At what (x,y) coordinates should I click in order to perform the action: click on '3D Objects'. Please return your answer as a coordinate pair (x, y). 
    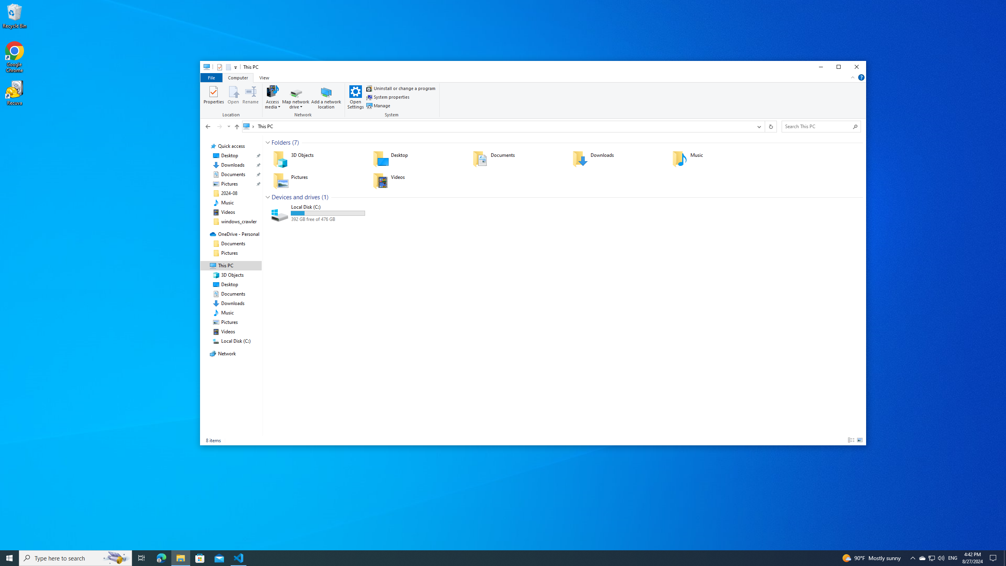
    Looking at the image, I should click on (317, 158).